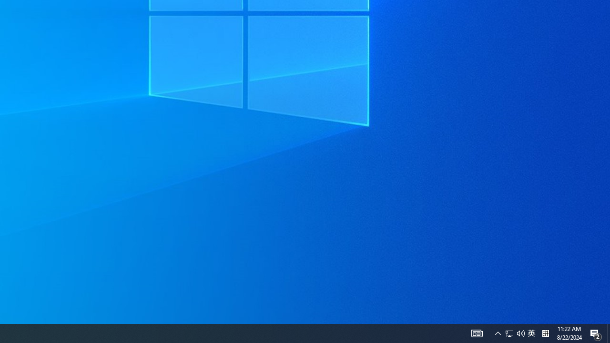 The image size is (610, 343). Describe the element at coordinates (520, 333) in the screenshot. I see `'Q2790: 100%'` at that location.